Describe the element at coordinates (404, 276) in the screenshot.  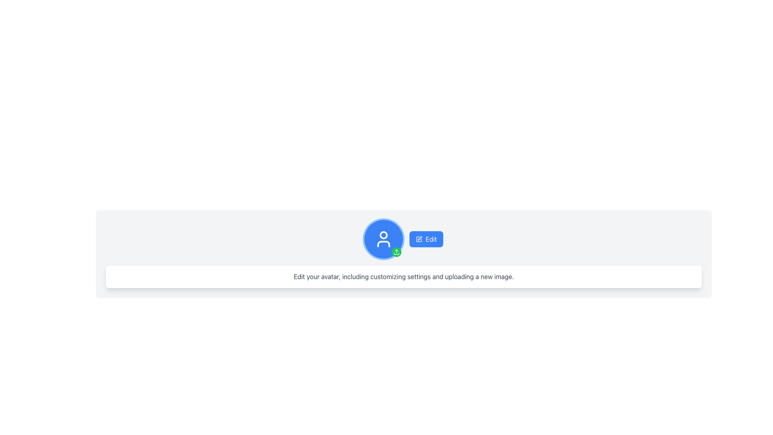
I see `the text label styled in gray that contains the sentence 'Edit your avatar, including customizing settings and uploading a new image.', positioned beneath the blue round avatar icon with an edit button` at that location.